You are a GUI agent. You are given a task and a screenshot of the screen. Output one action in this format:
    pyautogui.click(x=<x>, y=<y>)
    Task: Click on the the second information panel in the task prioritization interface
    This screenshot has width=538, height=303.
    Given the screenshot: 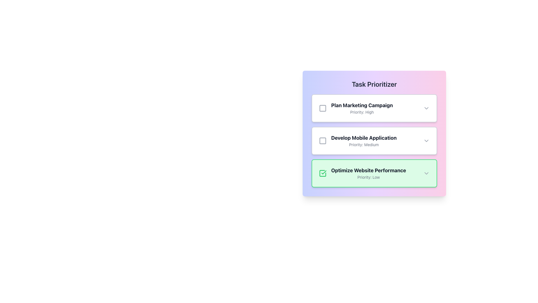 What is the action you would take?
    pyautogui.click(x=374, y=140)
    